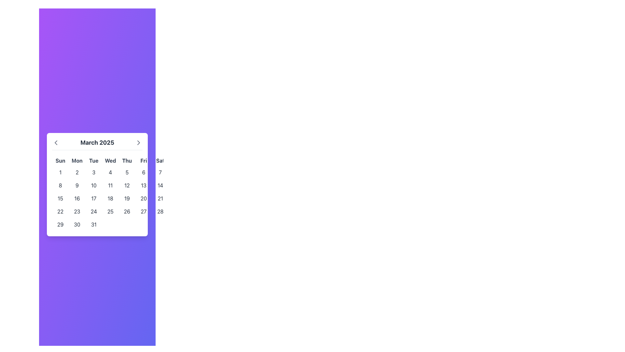 The width and height of the screenshot is (625, 352). I want to click on the button displaying the number '6' which represents the date in the calendar grid for March 2025, so click(143, 172).